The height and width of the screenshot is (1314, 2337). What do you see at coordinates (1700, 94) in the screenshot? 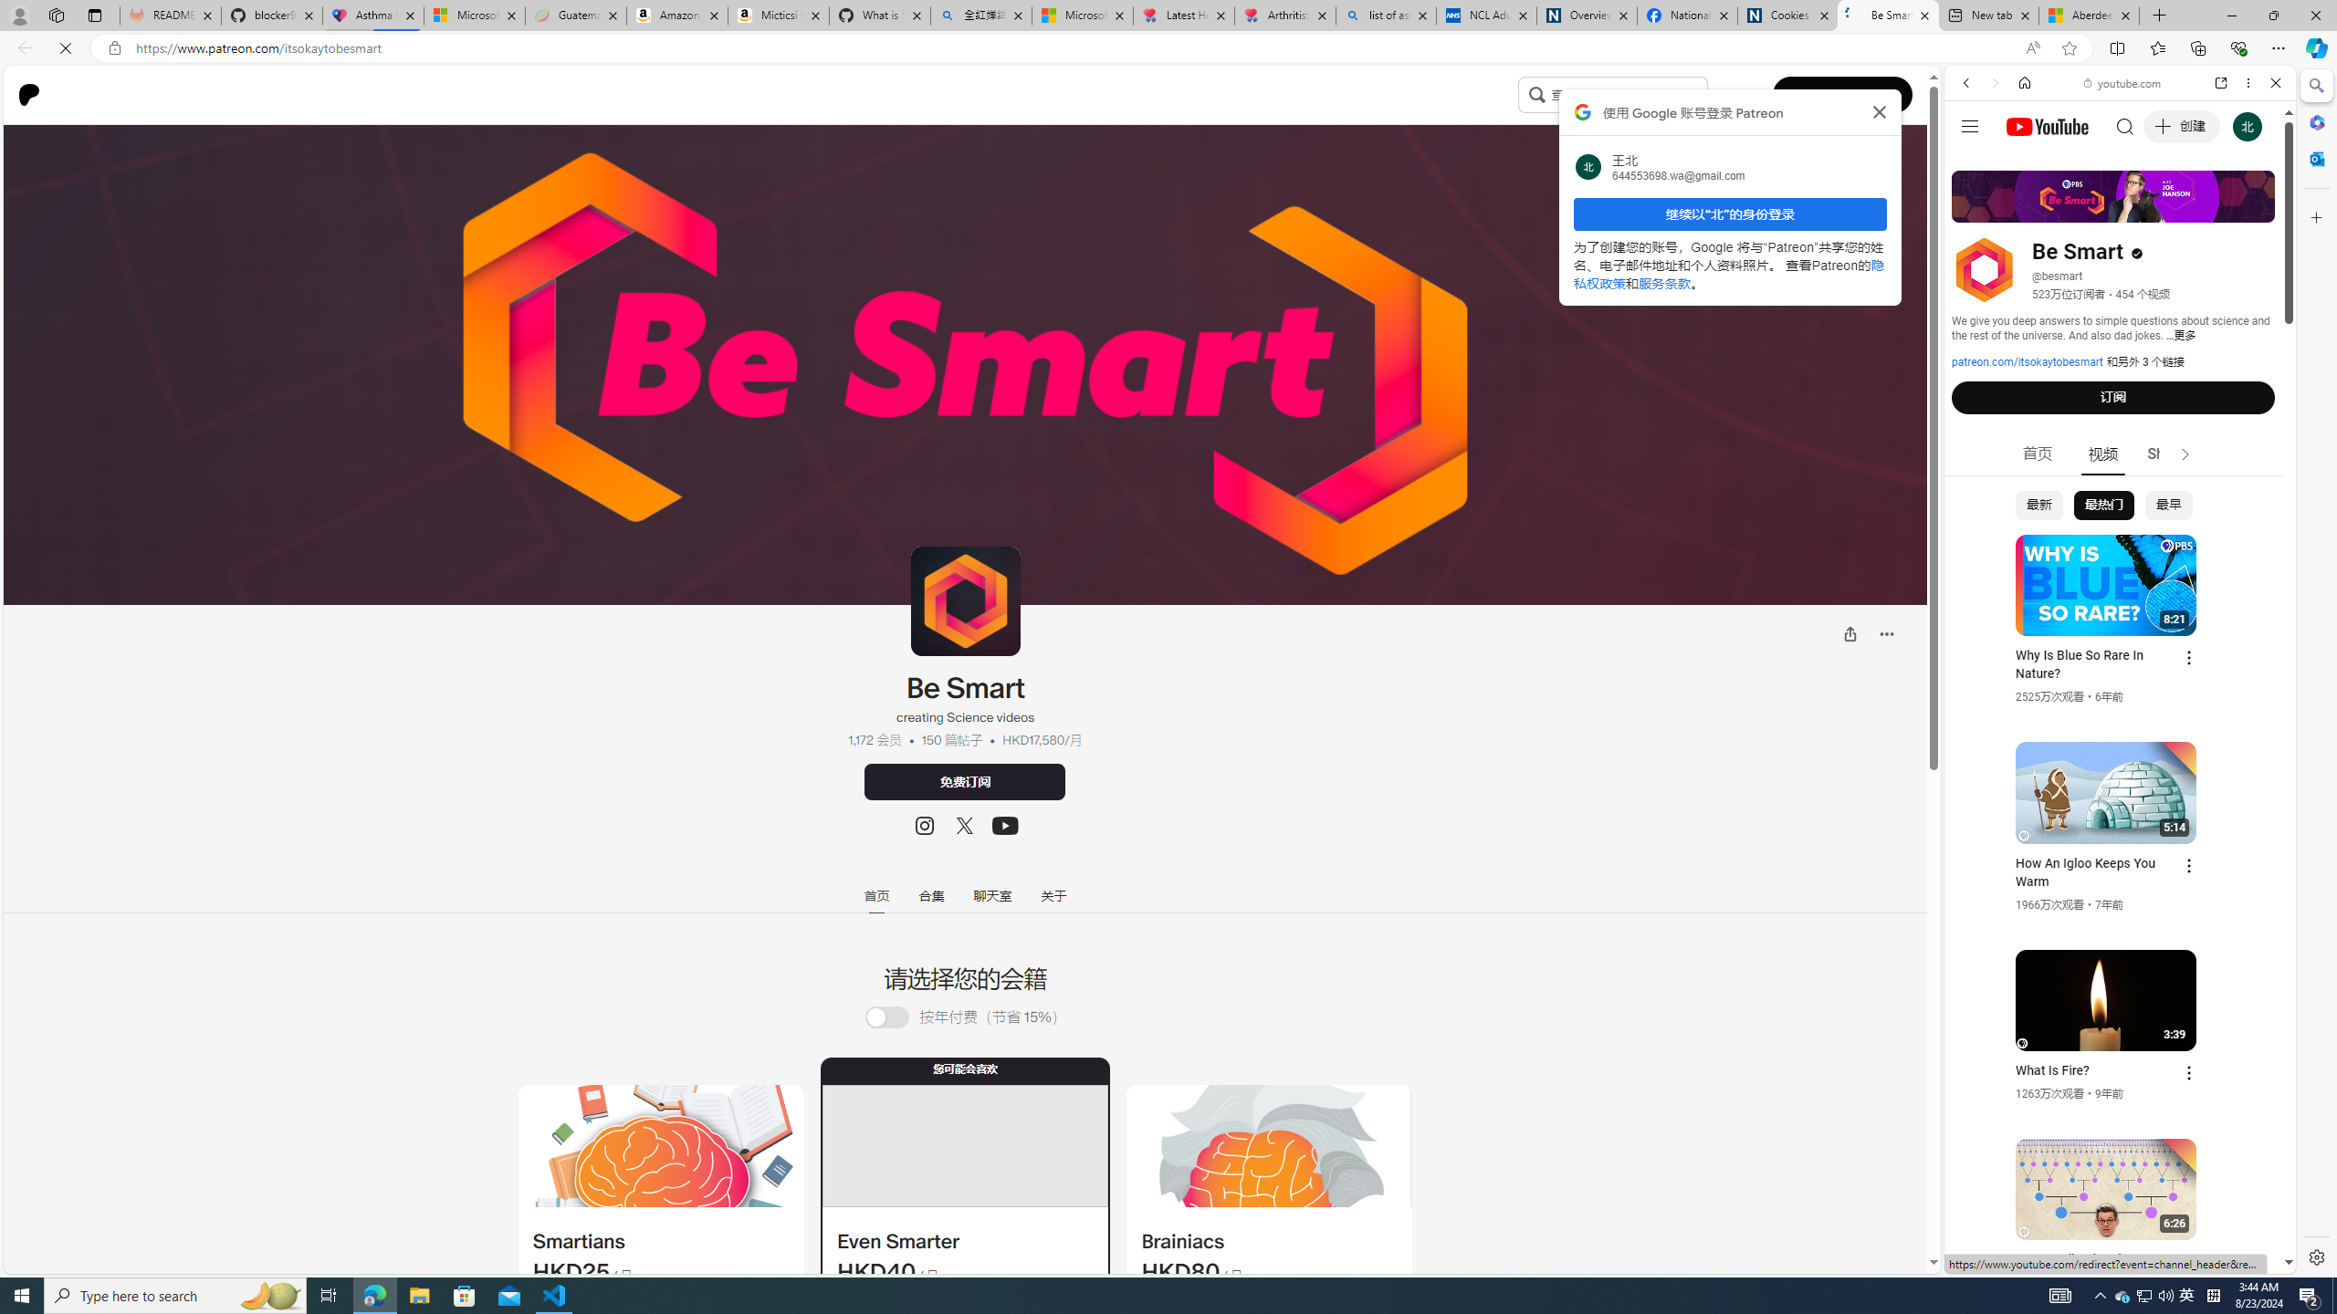
I see `'Class: sc-gUQvok bqiJlM'` at bounding box center [1700, 94].